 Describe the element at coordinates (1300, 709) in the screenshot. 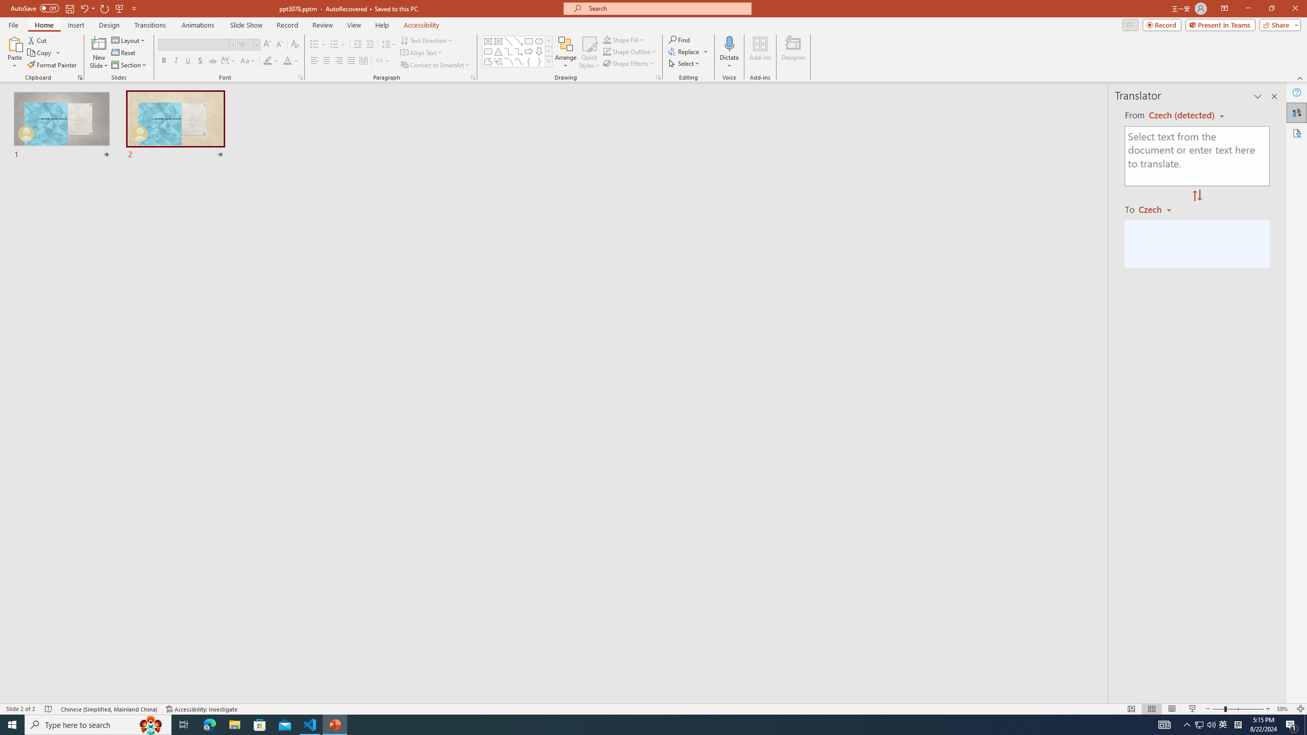

I see `'Zoom to Fit '` at that location.